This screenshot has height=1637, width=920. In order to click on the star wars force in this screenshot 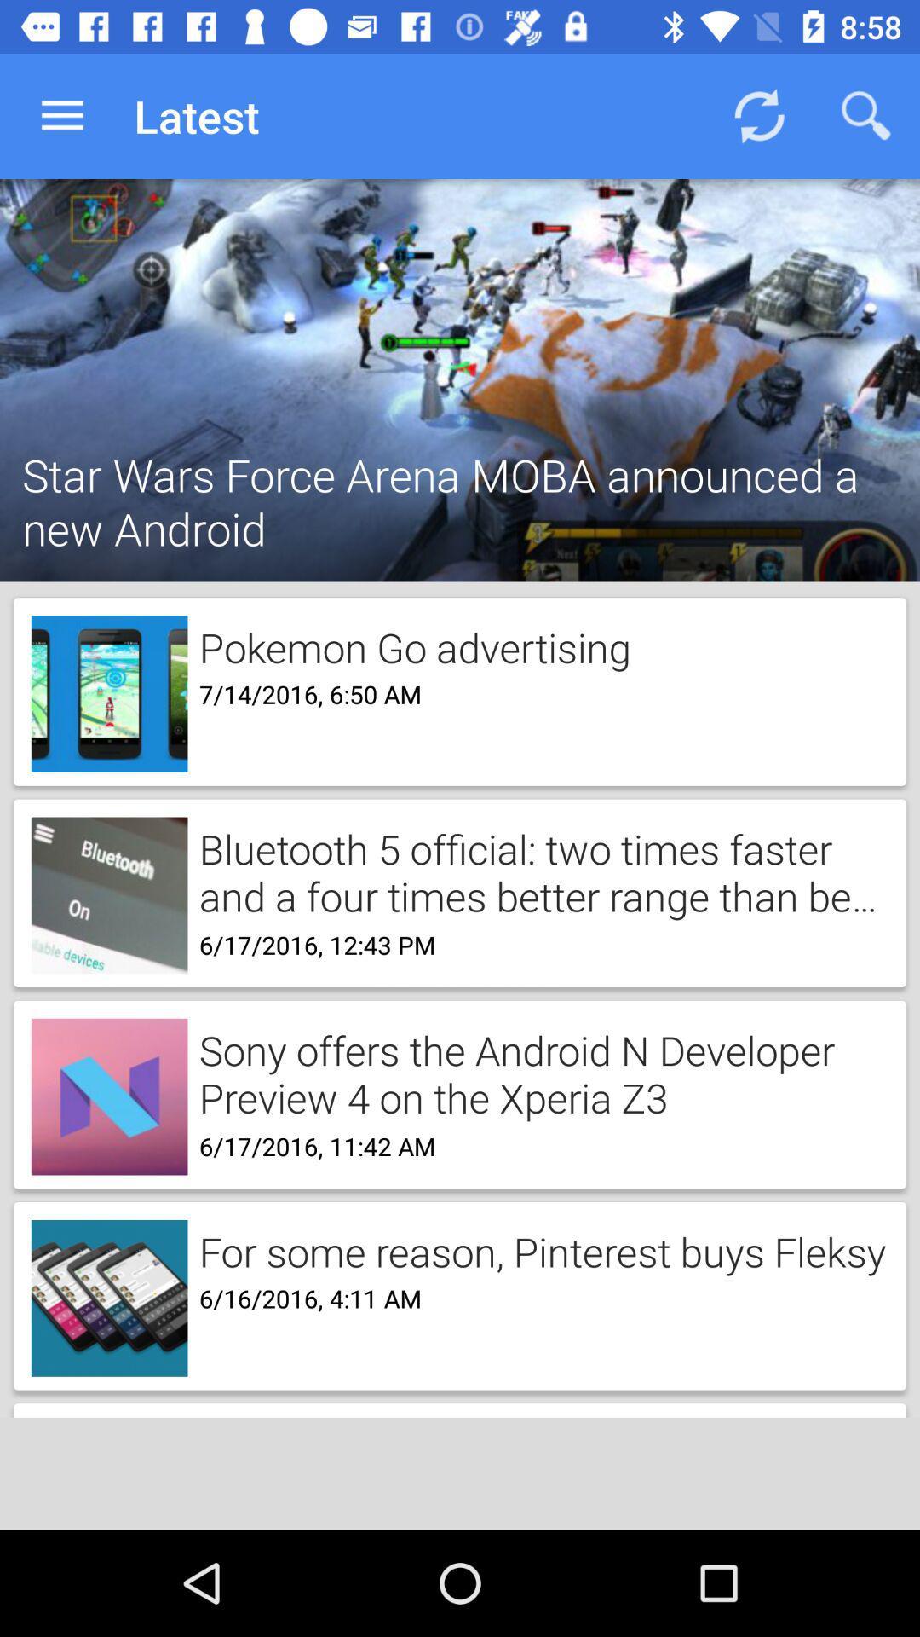, I will do `click(460, 478)`.